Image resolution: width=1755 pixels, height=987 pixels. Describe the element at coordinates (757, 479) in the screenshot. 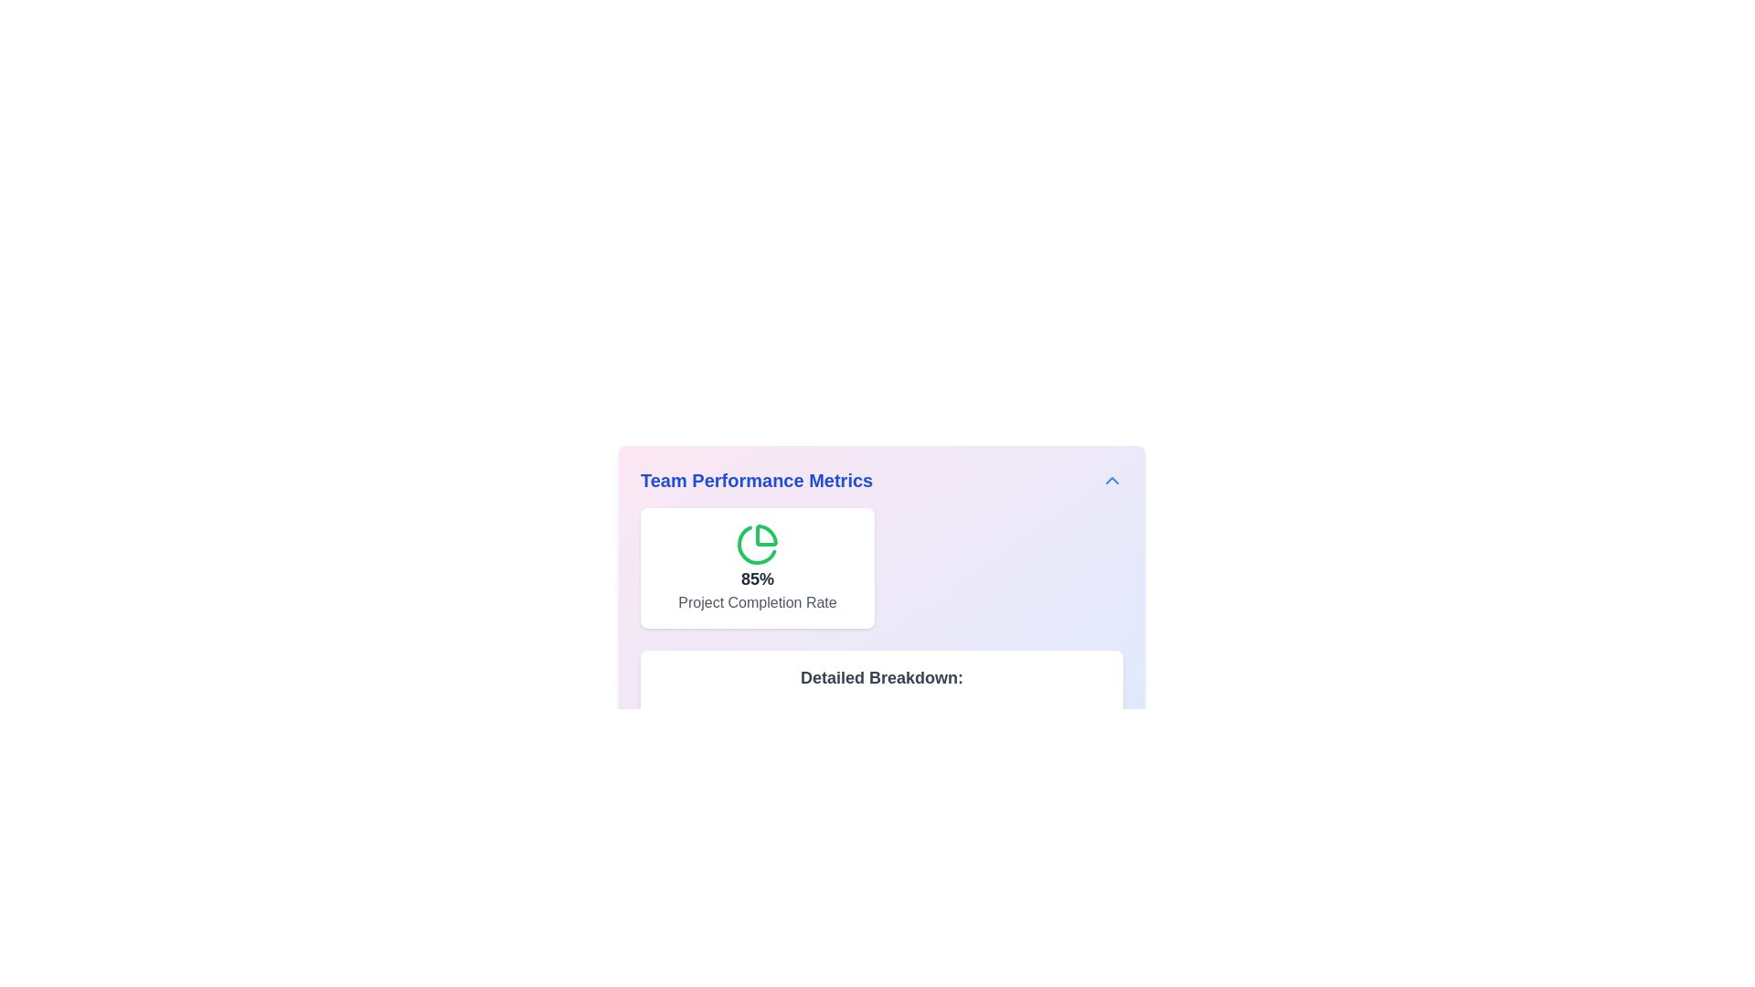

I see `section title text located at the top of the metrics section, which is aligned to the left and serves as a header for team performance metrics` at that location.